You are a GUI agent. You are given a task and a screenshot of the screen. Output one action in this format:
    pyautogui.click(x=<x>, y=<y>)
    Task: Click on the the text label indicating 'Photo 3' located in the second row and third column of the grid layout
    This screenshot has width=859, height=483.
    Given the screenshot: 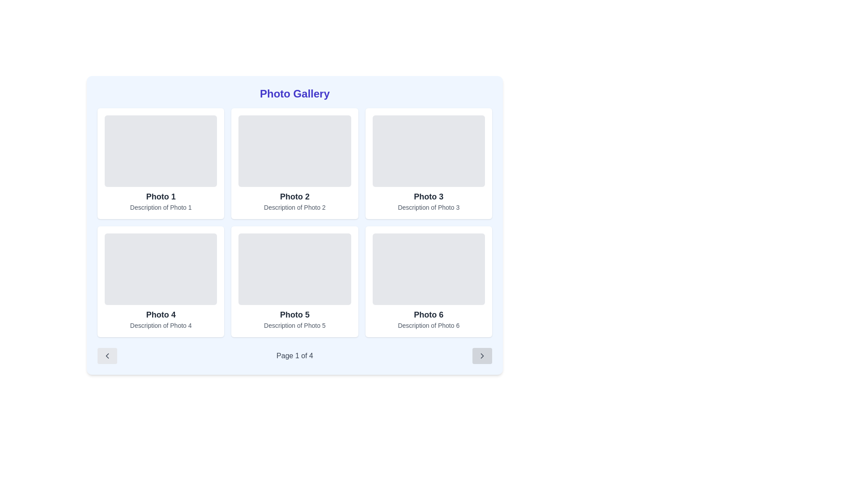 What is the action you would take?
    pyautogui.click(x=428, y=196)
    